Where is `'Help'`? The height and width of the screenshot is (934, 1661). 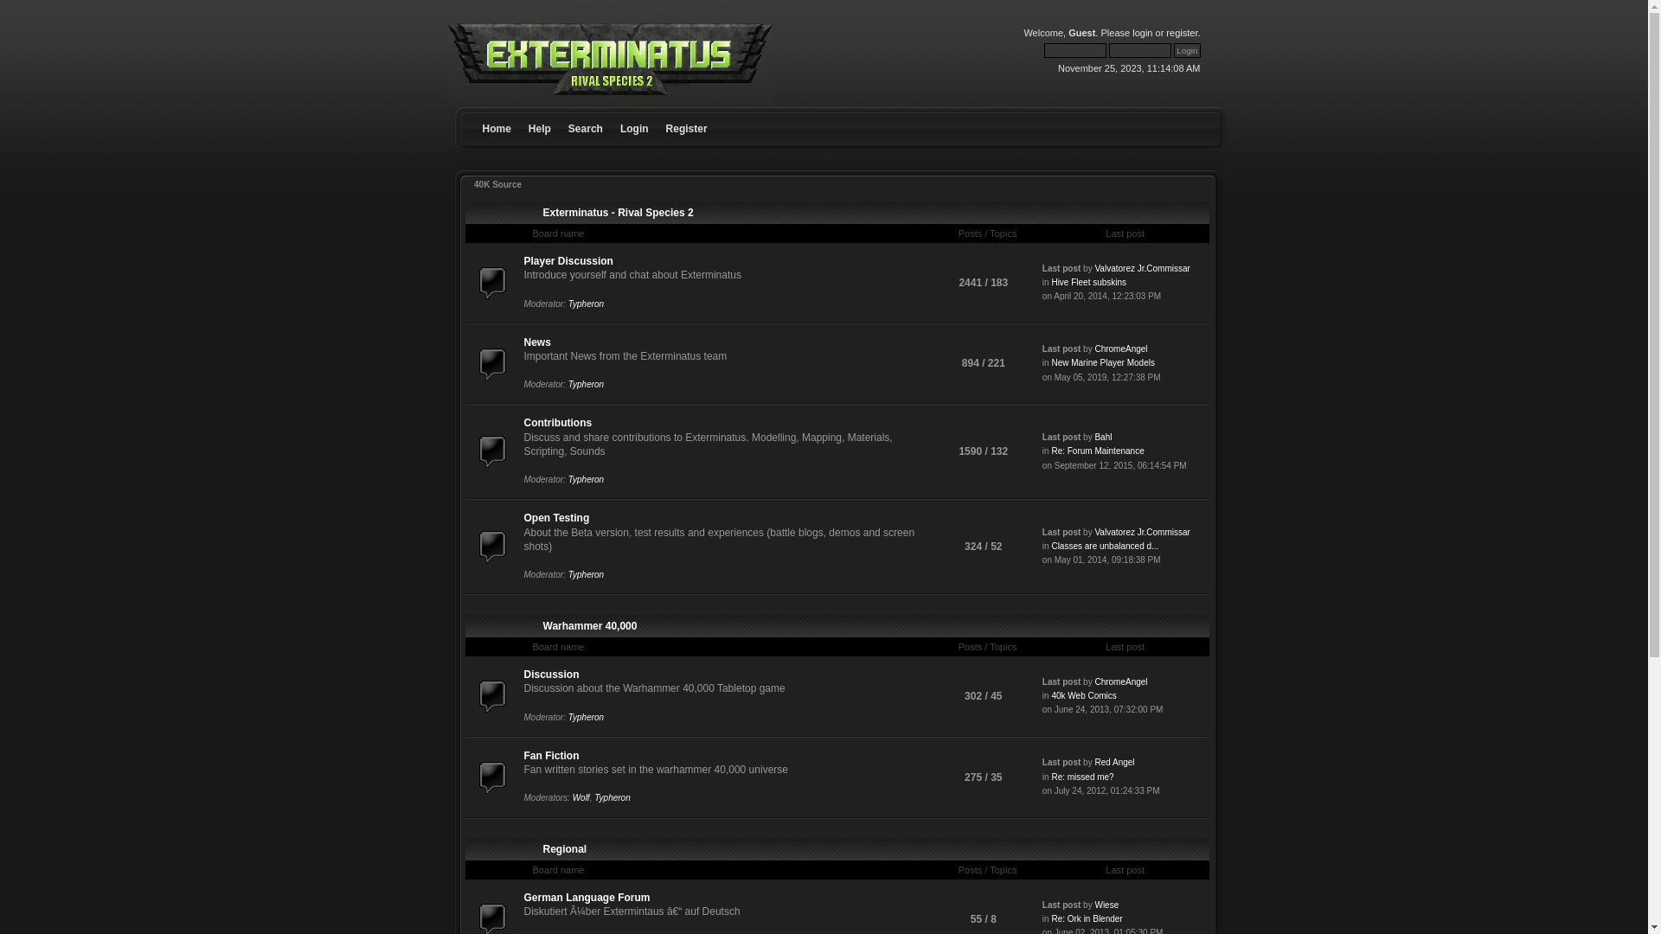
'Help' is located at coordinates (539, 114).